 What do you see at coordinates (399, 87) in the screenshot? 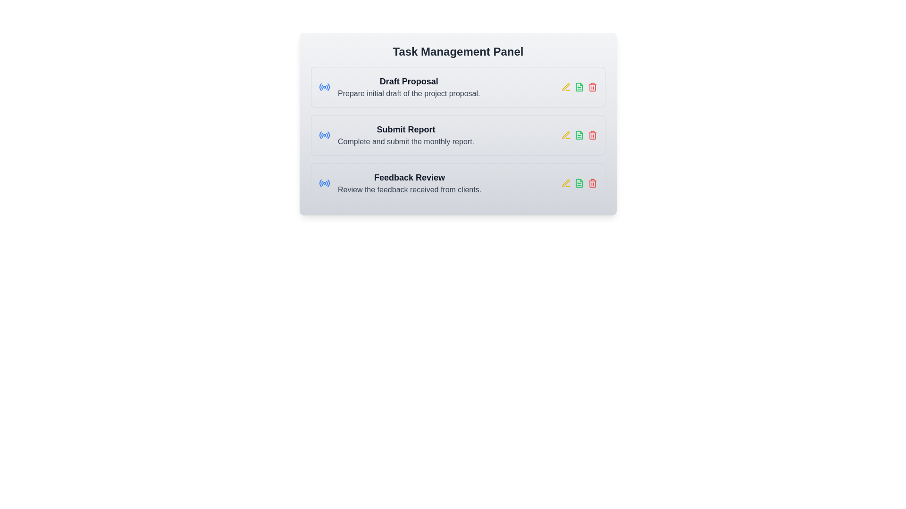
I see `the 'Draft Proposal' informational text block, which includes a title and subtitle` at bounding box center [399, 87].